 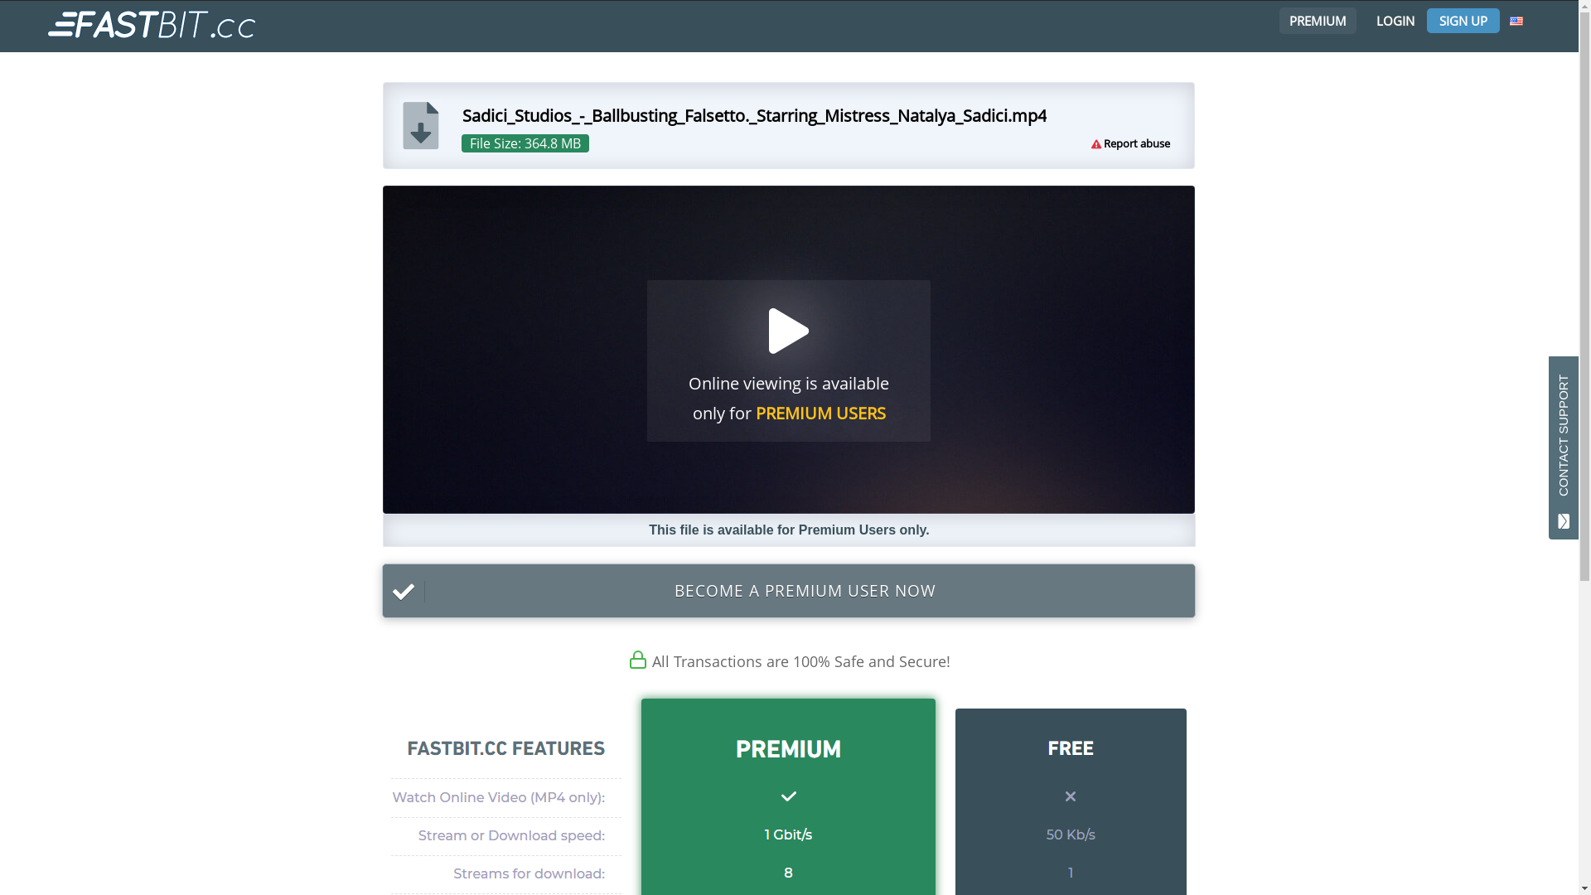 I want to click on 'LOGIN', so click(x=1395, y=20).